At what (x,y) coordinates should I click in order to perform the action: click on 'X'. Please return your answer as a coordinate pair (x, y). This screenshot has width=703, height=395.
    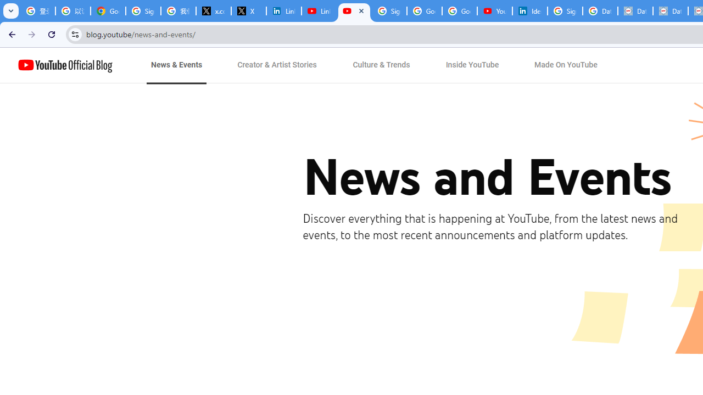
    Looking at the image, I should click on (248, 11).